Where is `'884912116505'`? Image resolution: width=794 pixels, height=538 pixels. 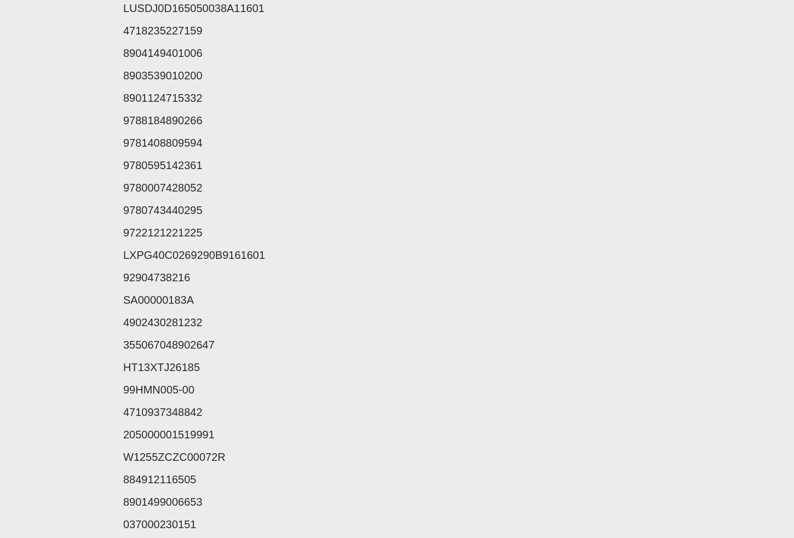
'884912116505' is located at coordinates (123, 479).